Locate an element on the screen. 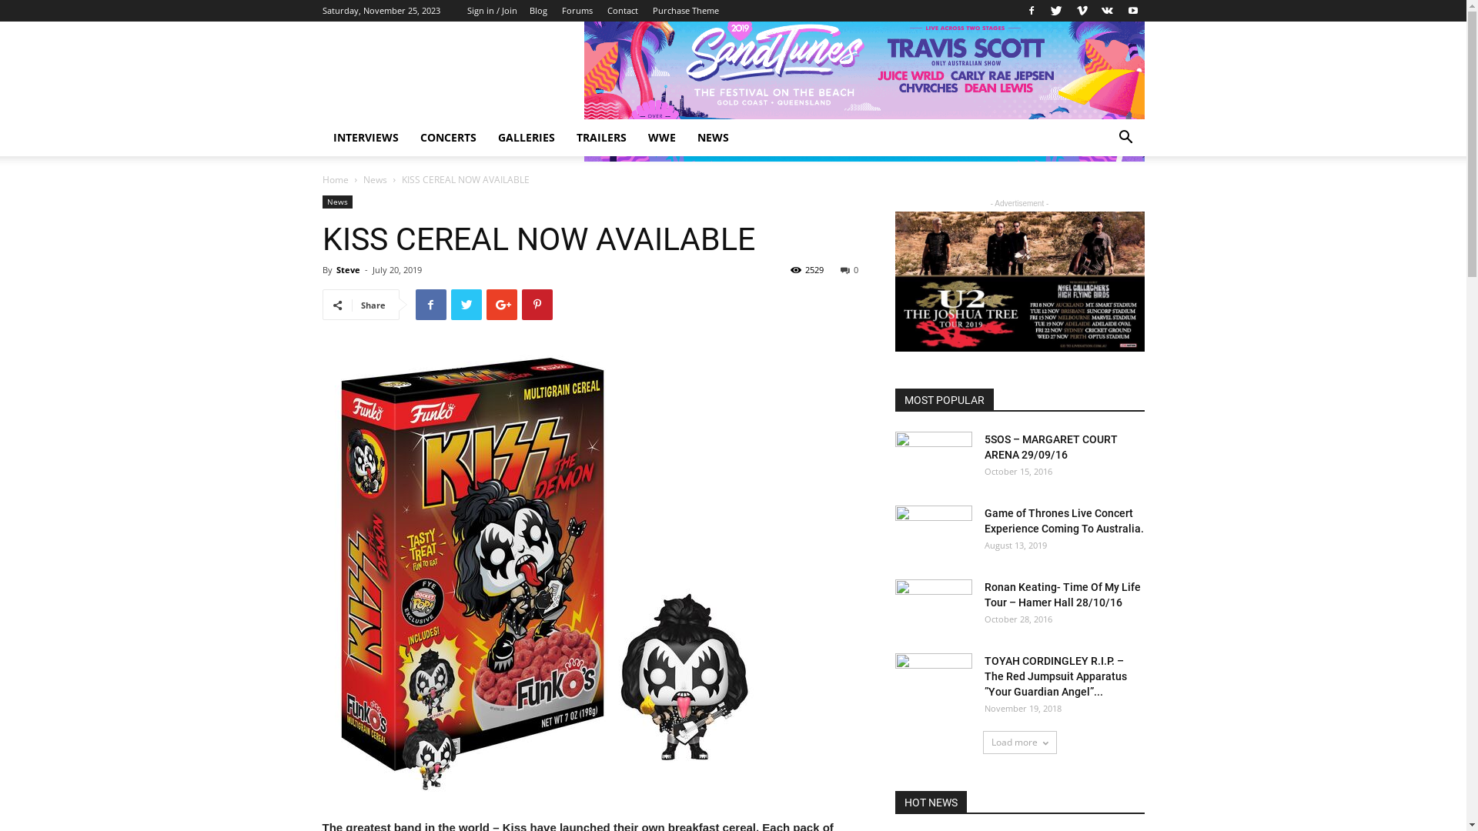  '0' is located at coordinates (848, 269).